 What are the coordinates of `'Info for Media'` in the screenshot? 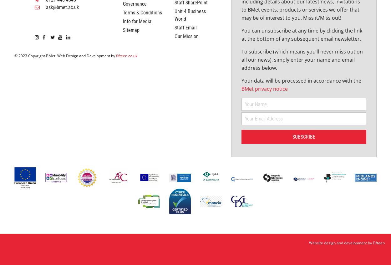 It's located at (137, 67).